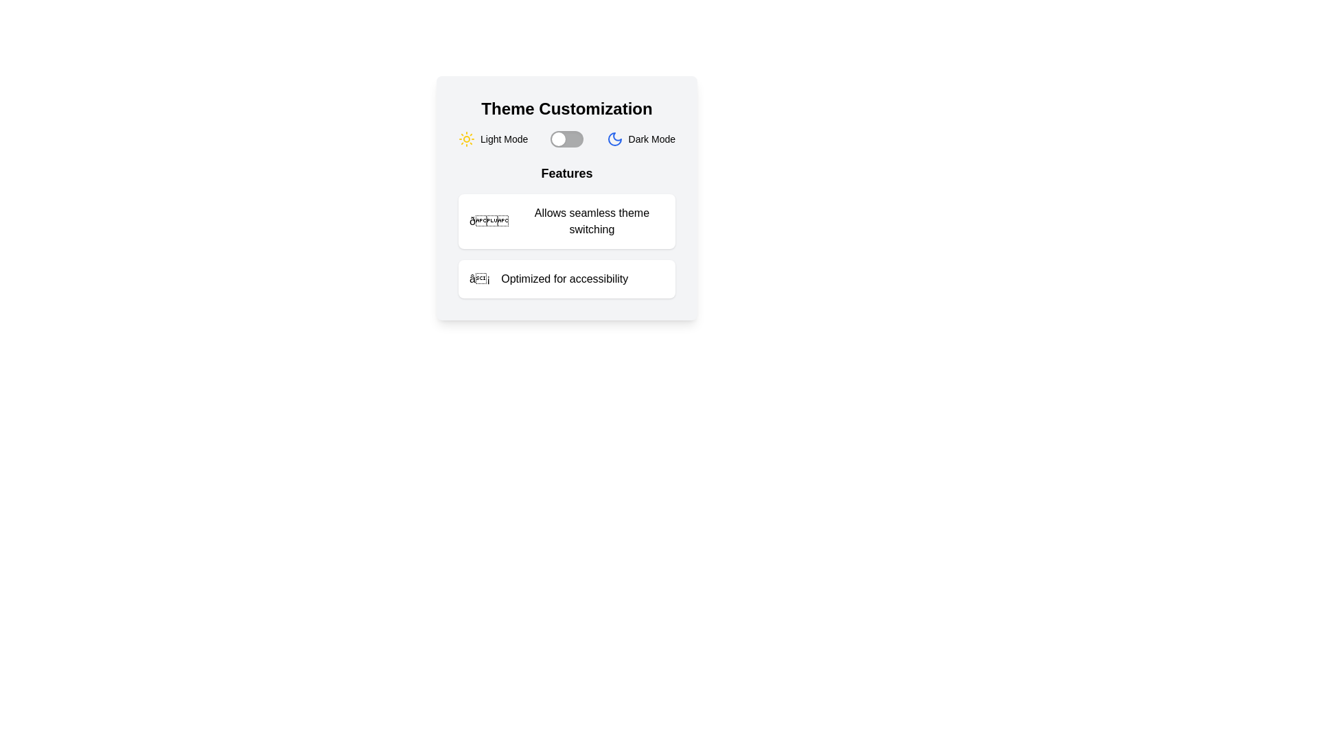 This screenshot has height=741, width=1318. Describe the element at coordinates (614, 139) in the screenshot. I see `the dark mode toggle switch located in the top-right corner of the theme customization card to activate dark mode` at that location.